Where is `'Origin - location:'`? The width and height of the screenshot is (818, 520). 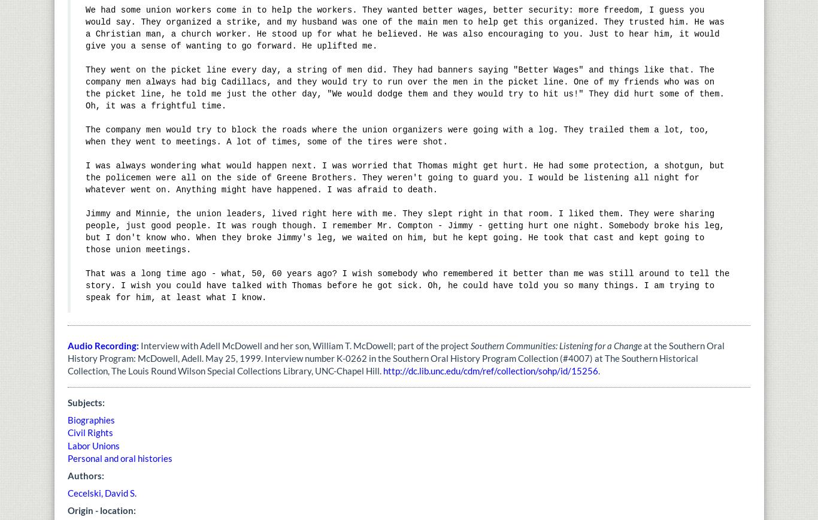 'Origin - location:' is located at coordinates (102, 509).